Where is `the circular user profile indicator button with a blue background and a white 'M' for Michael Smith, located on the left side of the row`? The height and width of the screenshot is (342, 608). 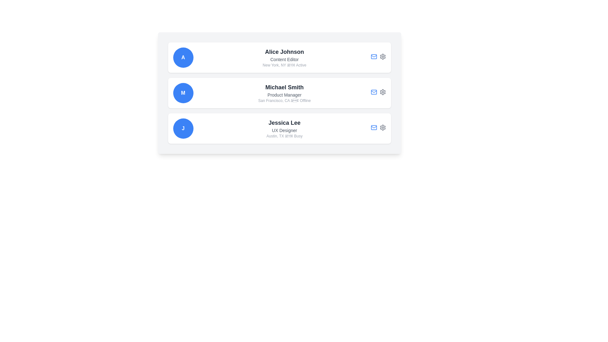 the circular user profile indicator button with a blue background and a white 'M' for Michael Smith, located on the left side of the row is located at coordinates (183, 93).